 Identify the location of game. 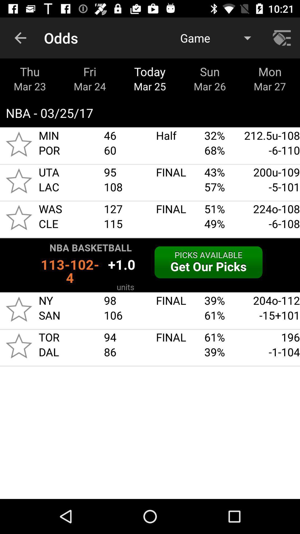
(19, 217).